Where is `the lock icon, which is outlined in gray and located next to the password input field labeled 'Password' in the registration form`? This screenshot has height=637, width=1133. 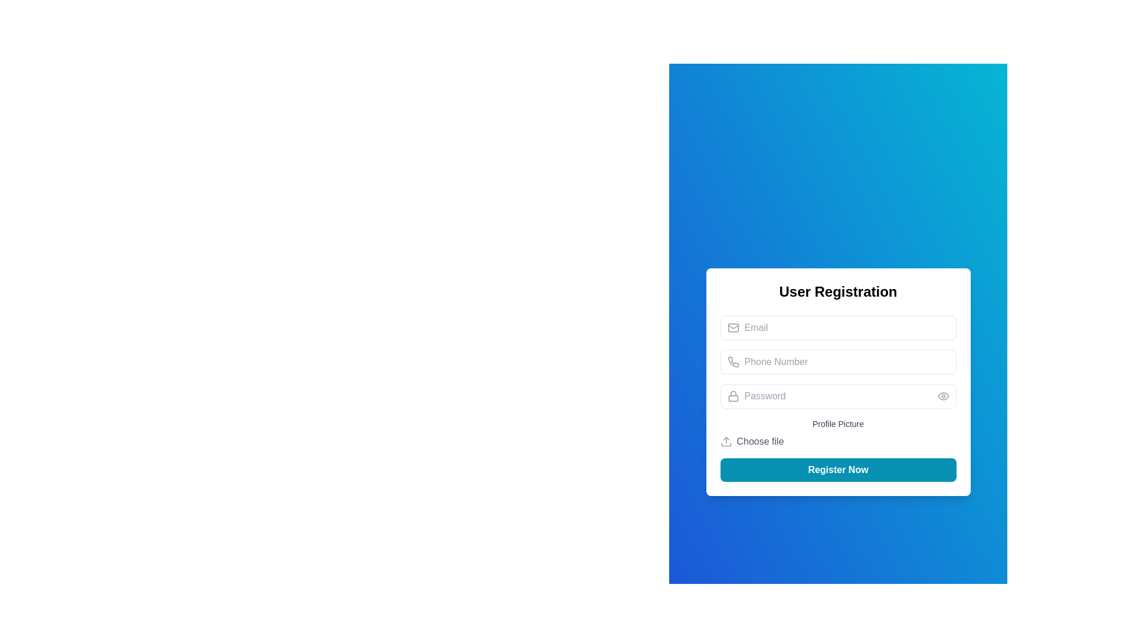 the lock icon, which is outlined in gray and located next to the password input field labeled 'Password' in the registration form is located at coordinates (732, 396).